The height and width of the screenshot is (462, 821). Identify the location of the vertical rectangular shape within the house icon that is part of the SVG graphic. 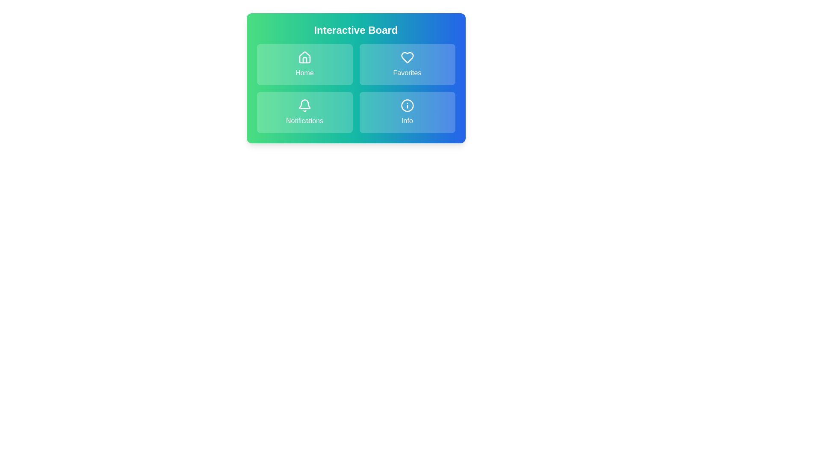
(304, 60).